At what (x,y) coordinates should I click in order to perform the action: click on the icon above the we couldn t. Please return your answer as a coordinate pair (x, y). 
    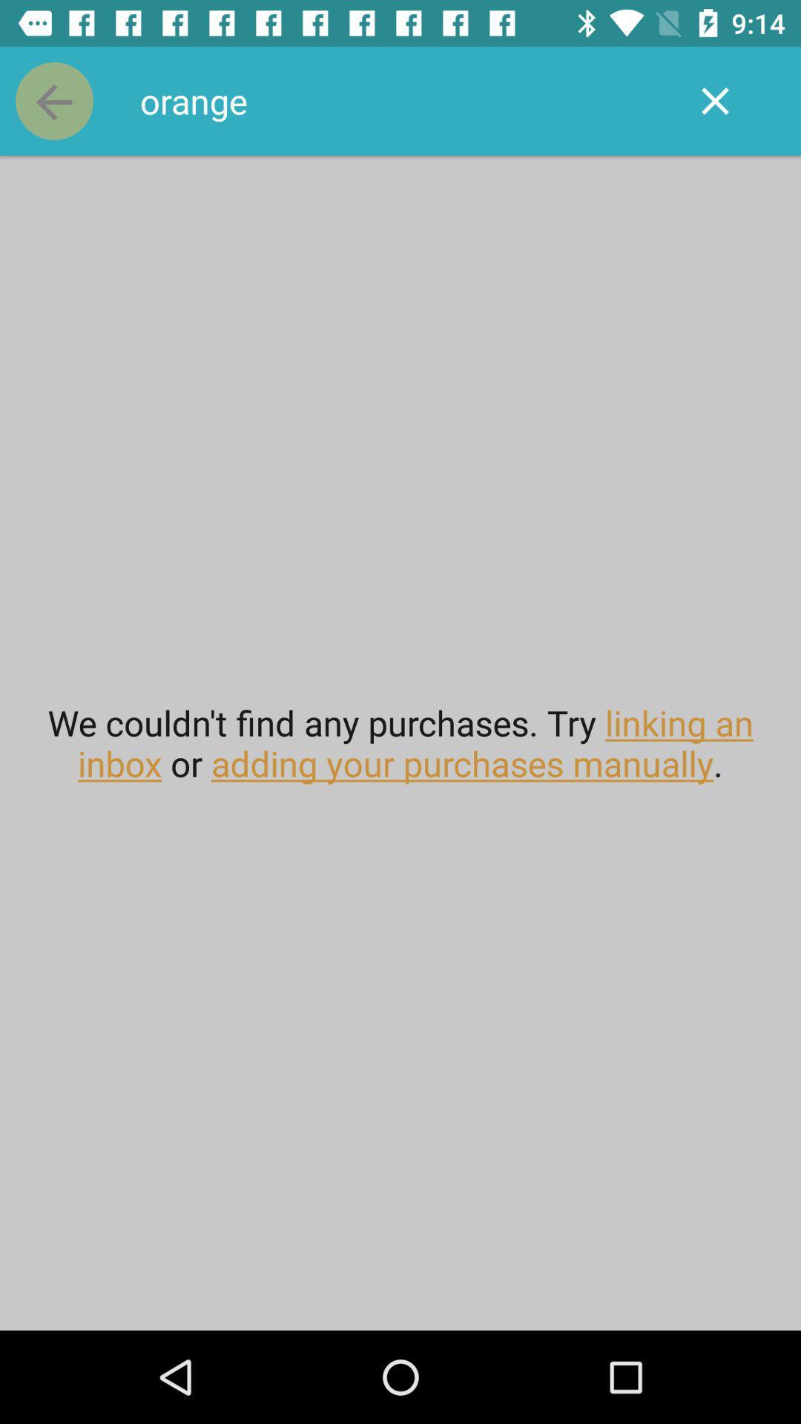
    Looking at the image, I should click on (714, 100).